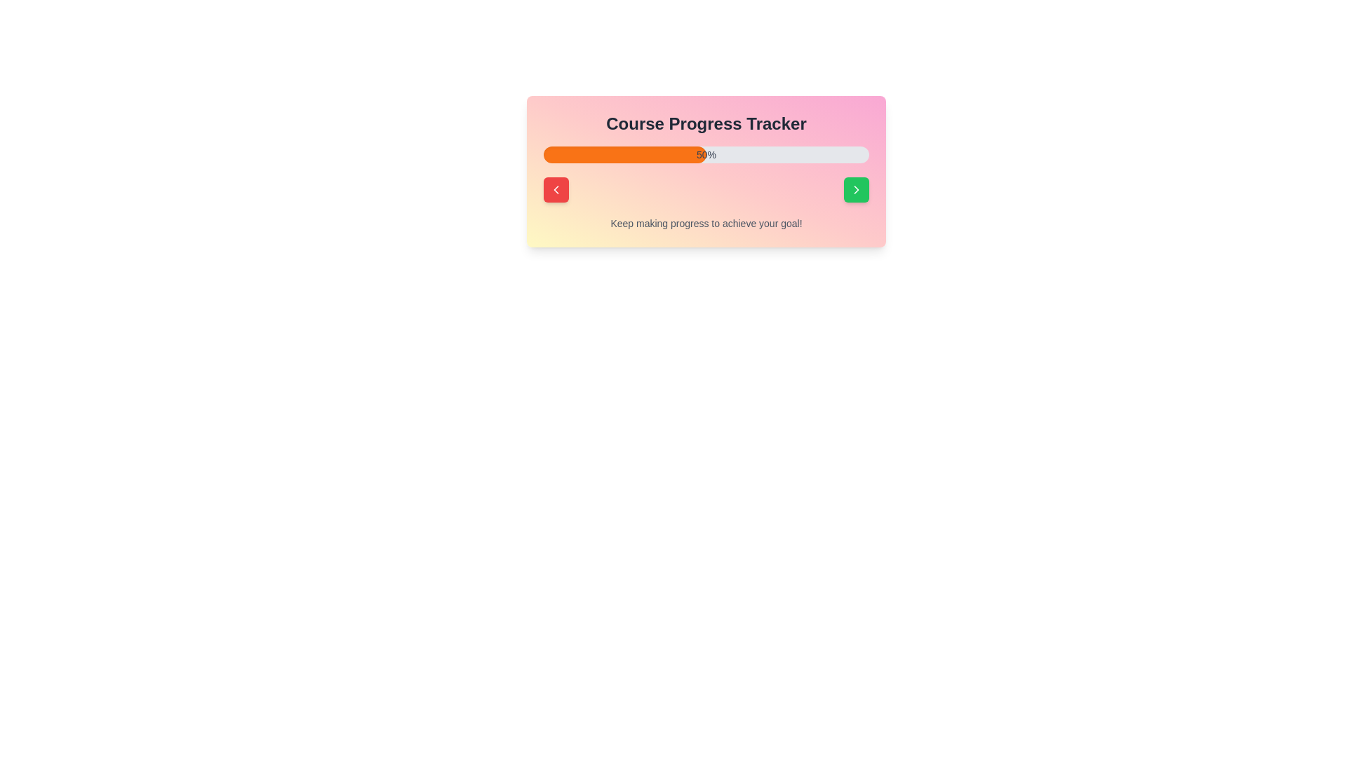 Image resolution: width=1347 pixels, height=757 pixels. Describe the element at coordinates (555, 189) in the screenshot. I see `the small leftward chevron arrow icon, which is styled in a minimalistic line design and is located inside the red circular button to the left of the progress bar` at that location.